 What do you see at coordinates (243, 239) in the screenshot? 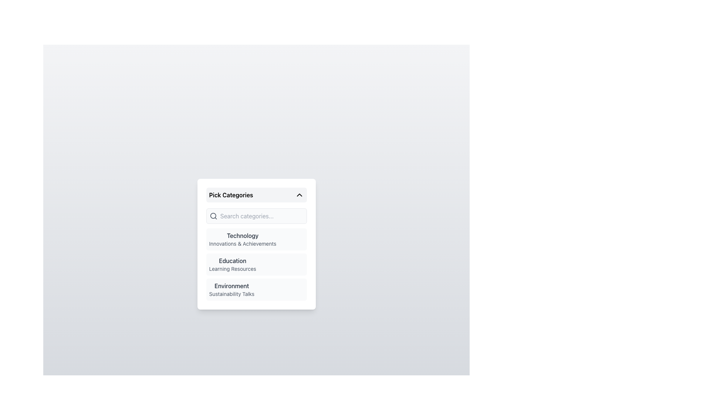
I see `the 'Technology' category label, which is the first category in a vertical list` at bounding box center [243, 239].